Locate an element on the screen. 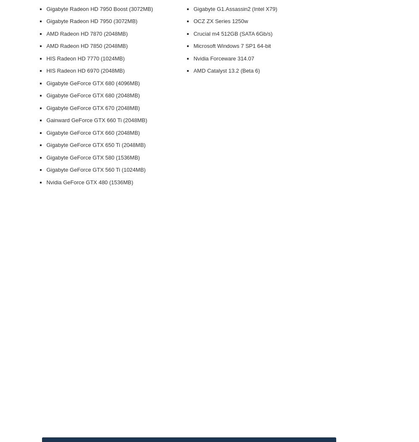 The image size is (419, 442). 'AMD Radeon HD 7850 (2048MB)' is located at coordinates (87, 46).